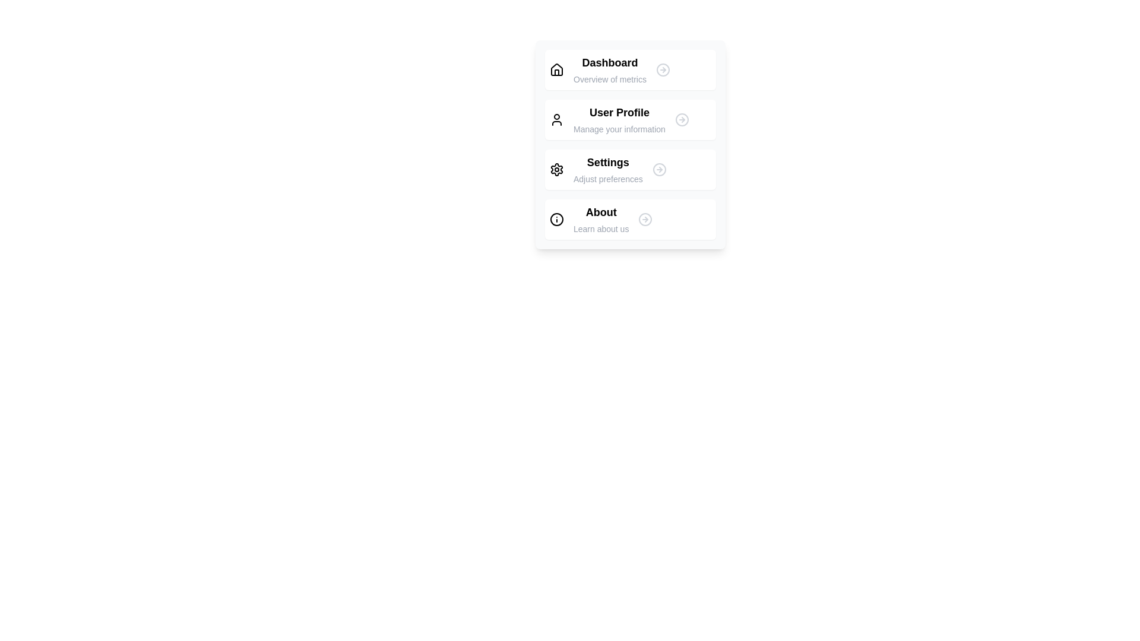  Describe the element at coordinates (682, 119) in the screenshot. I see `the circular button icon with a right-pointing arrow located at the far right of the 'User Profile' section` at that location.